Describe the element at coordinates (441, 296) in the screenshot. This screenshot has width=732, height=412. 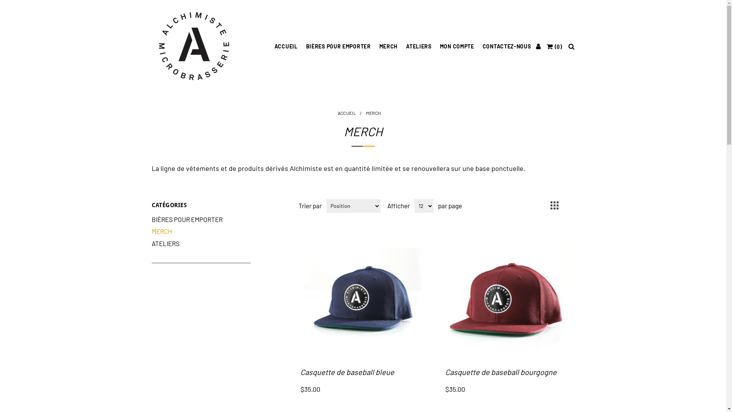
I see `'Agrandir l'image de Casquette de baseball bourgogne'` at that location.